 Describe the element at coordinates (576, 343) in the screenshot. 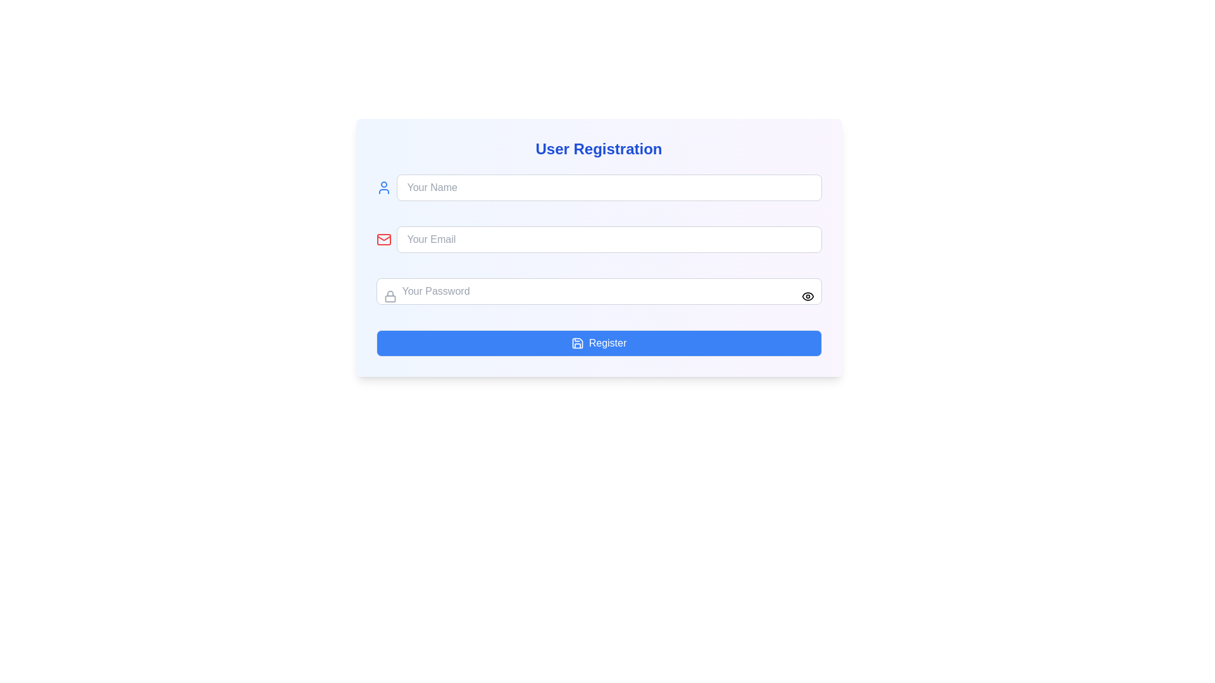

I see `the icon located to the left of the 'Register' button, which symbolizes saving or confirming the registration data` at that location.